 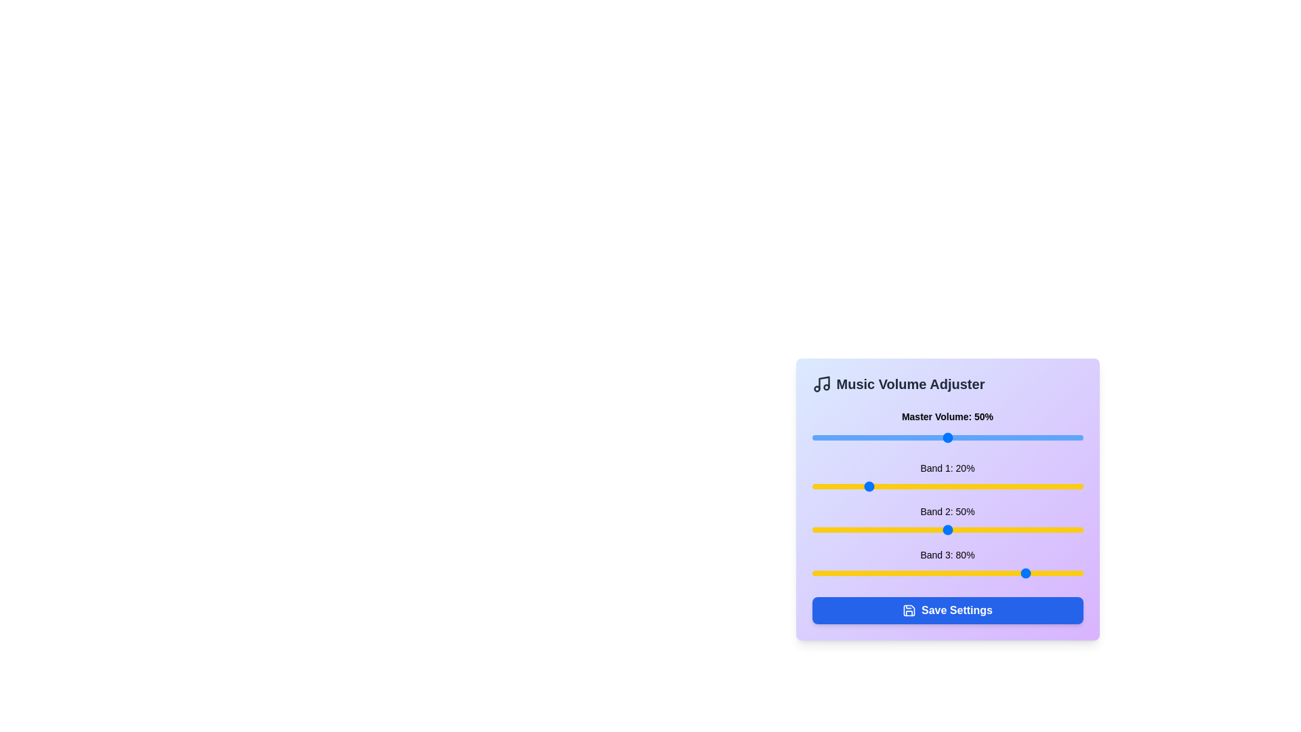 I want to click on the knob of the horizontal range slider, which is styled with a blue track and rounded edges, so click(x=947, y=437).